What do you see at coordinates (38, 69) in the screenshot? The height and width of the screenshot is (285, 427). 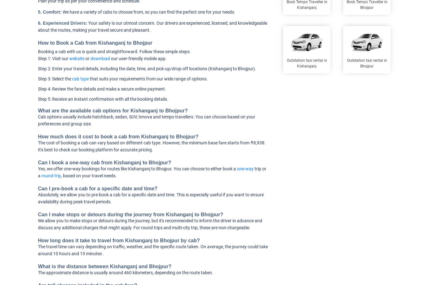 I see `'Step 2: Enter your travel details, including the date, time, and pick-up/drop-off locations (Kishanganj to Bhojpur).'` at bounding box center [38, 69].